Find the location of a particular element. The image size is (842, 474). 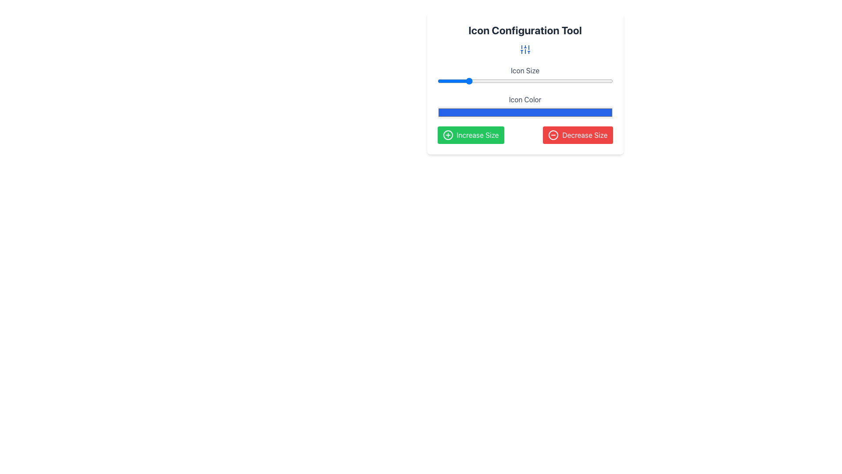

icon size is located at coordinates (594, 81).